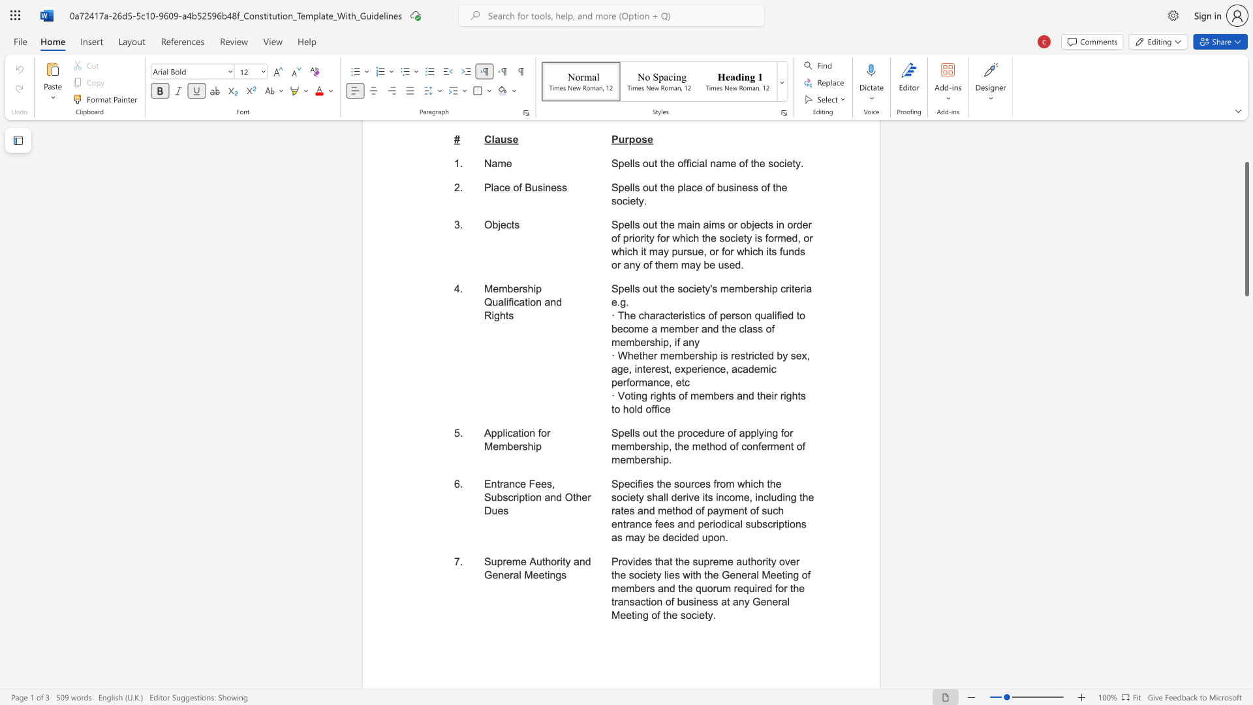 Image resolution: width=1253 pixels, height=705 pixels. What do you see at coordinates (1246, 228) in the screenshot?
I see `the scrollbar and move down 580 pixels` at bounding box center [1246, 228].